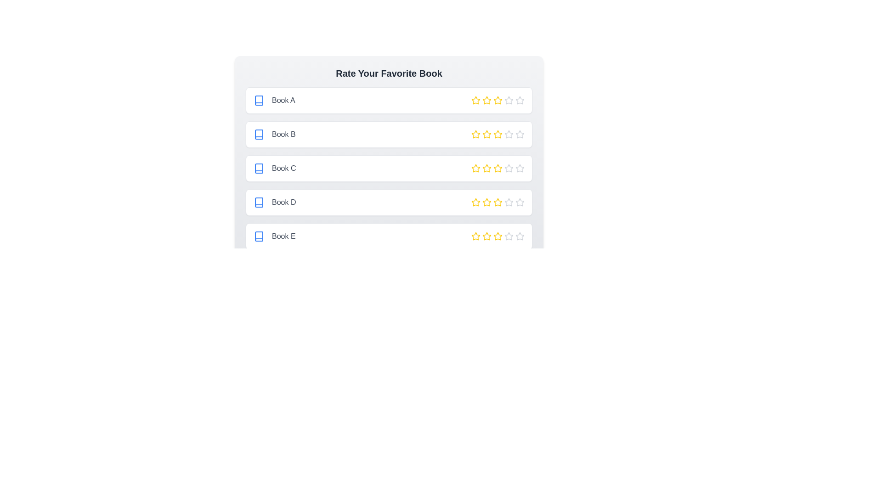  What do you see at coordinates (498, 202) in the screenshot?
I see `the star corresponding to 3 stars for the book titled Book D` at bounding box center [498, 202].